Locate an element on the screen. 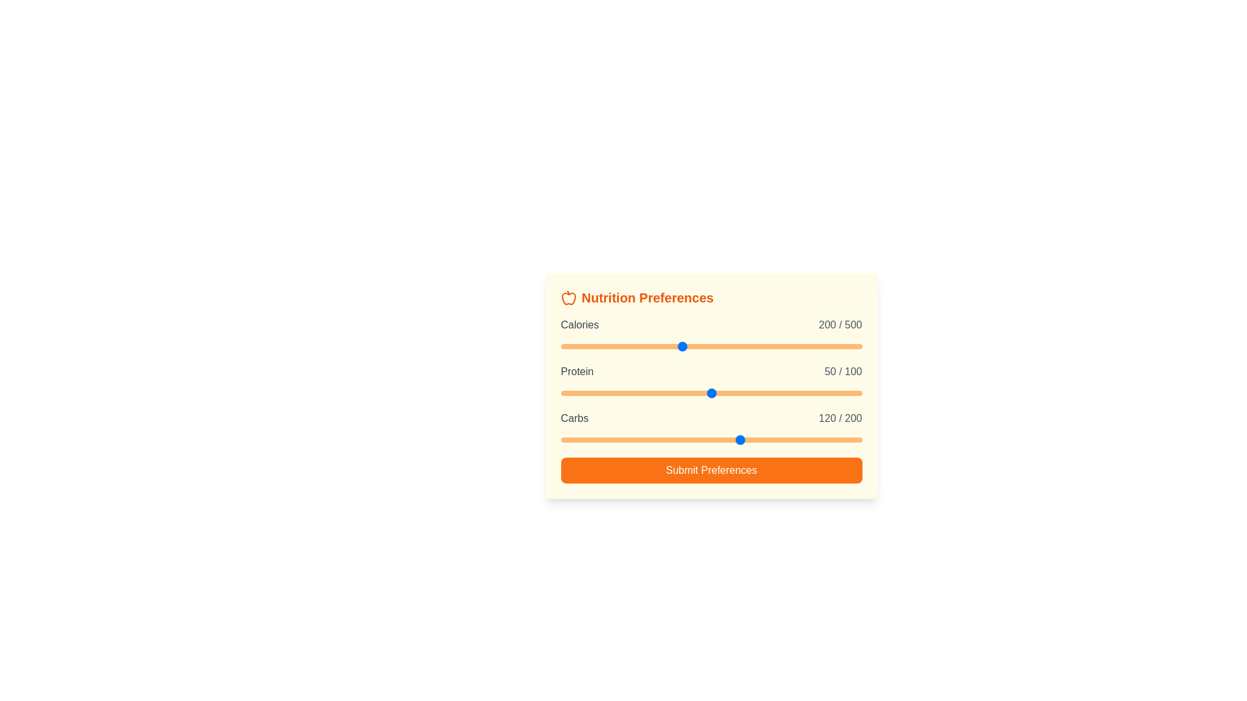  the caloric value is located at coordinates (787, 345).